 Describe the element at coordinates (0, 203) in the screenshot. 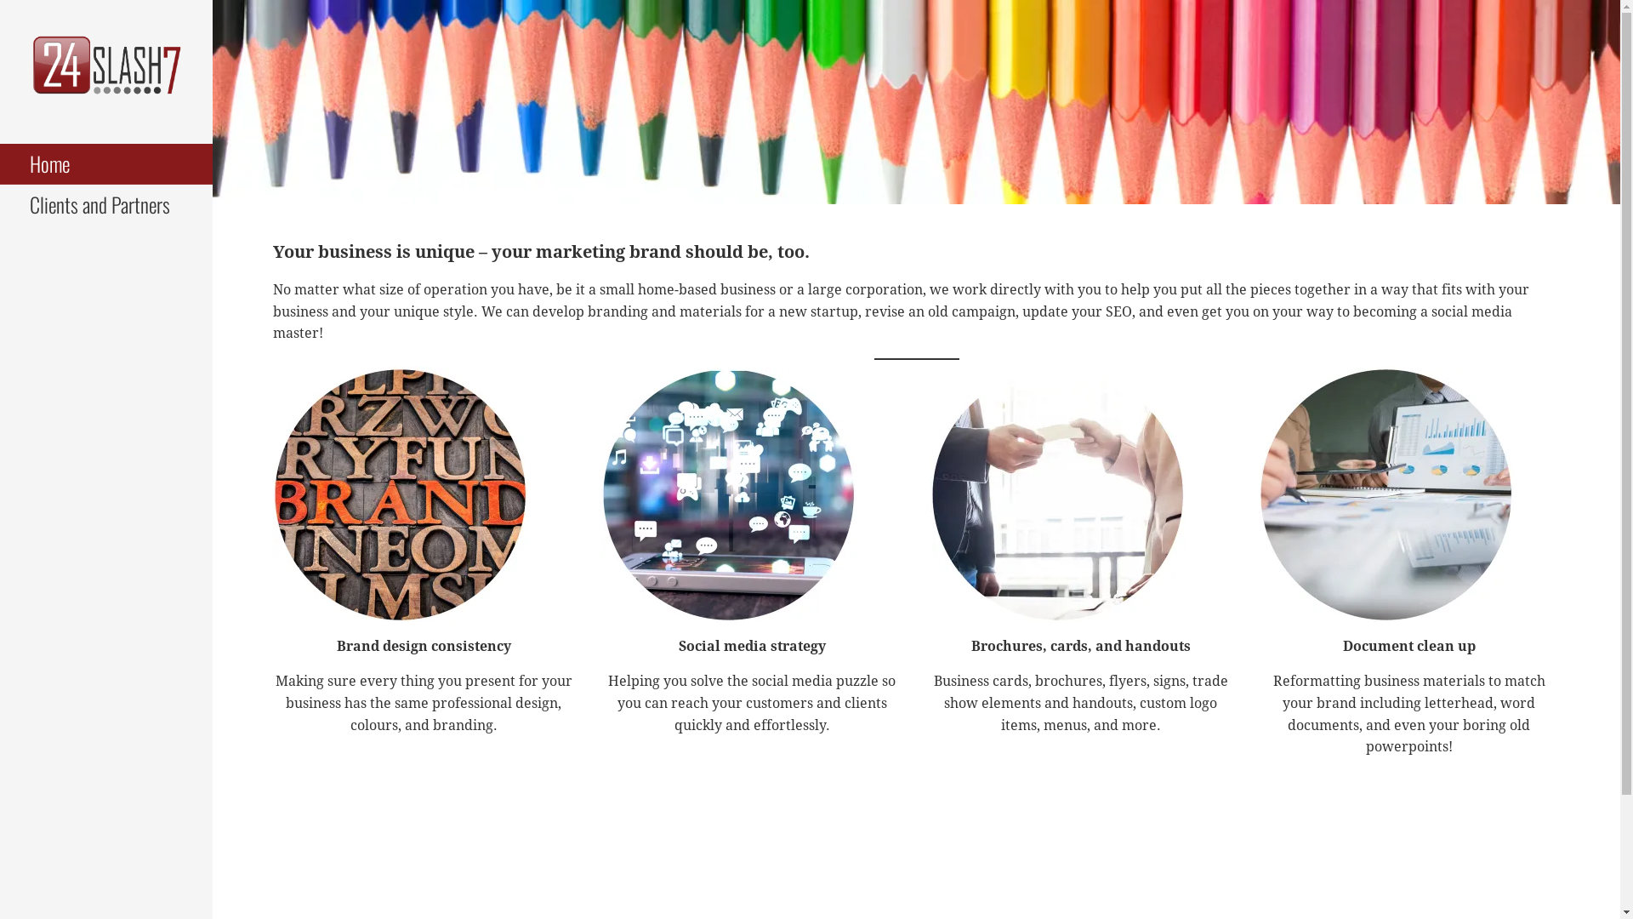

I see `'Clients and Partners'` at that location.